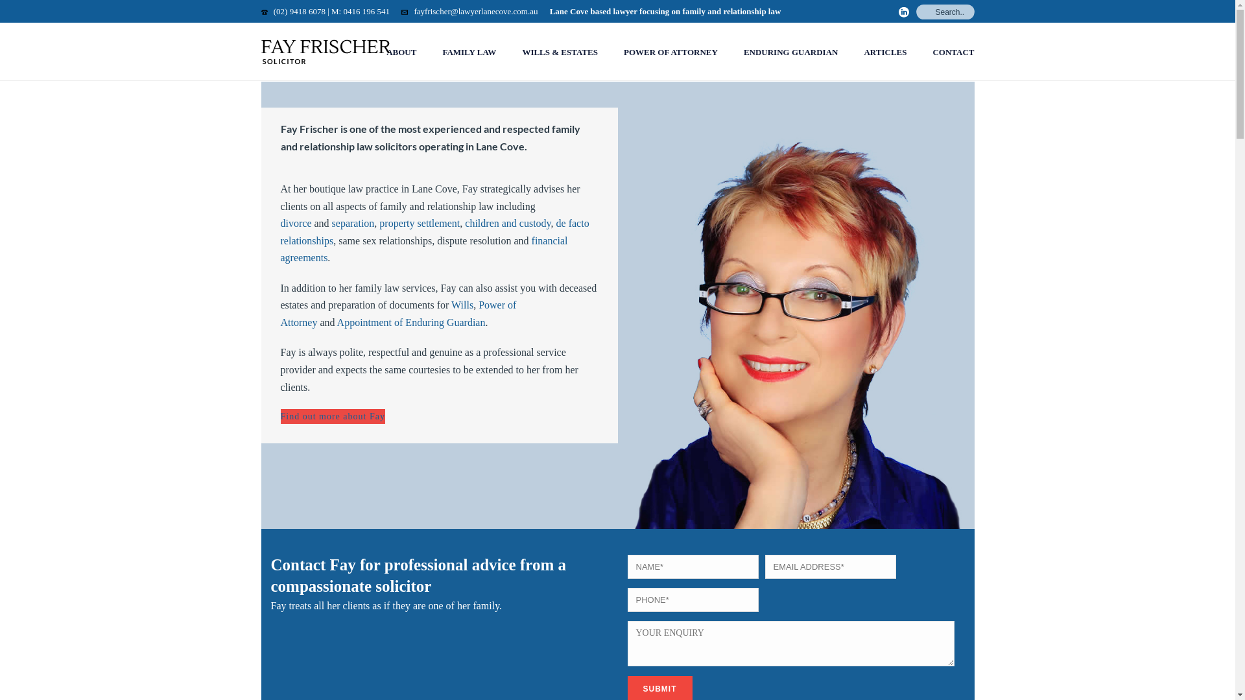  Describe the element at coordinates (506, 222) in the screenshot. I see `'children and custody'` at that location.